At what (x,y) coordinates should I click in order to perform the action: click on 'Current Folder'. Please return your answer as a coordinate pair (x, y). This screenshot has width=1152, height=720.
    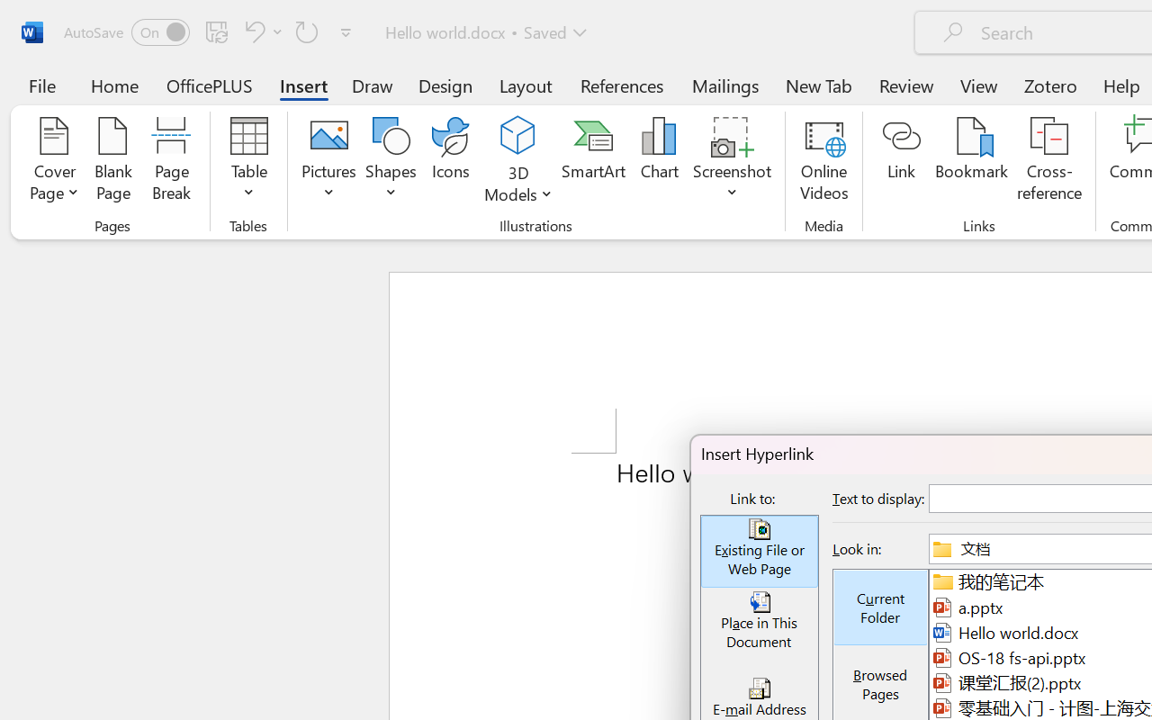
    Looking at the image, I should click on (879, 607).